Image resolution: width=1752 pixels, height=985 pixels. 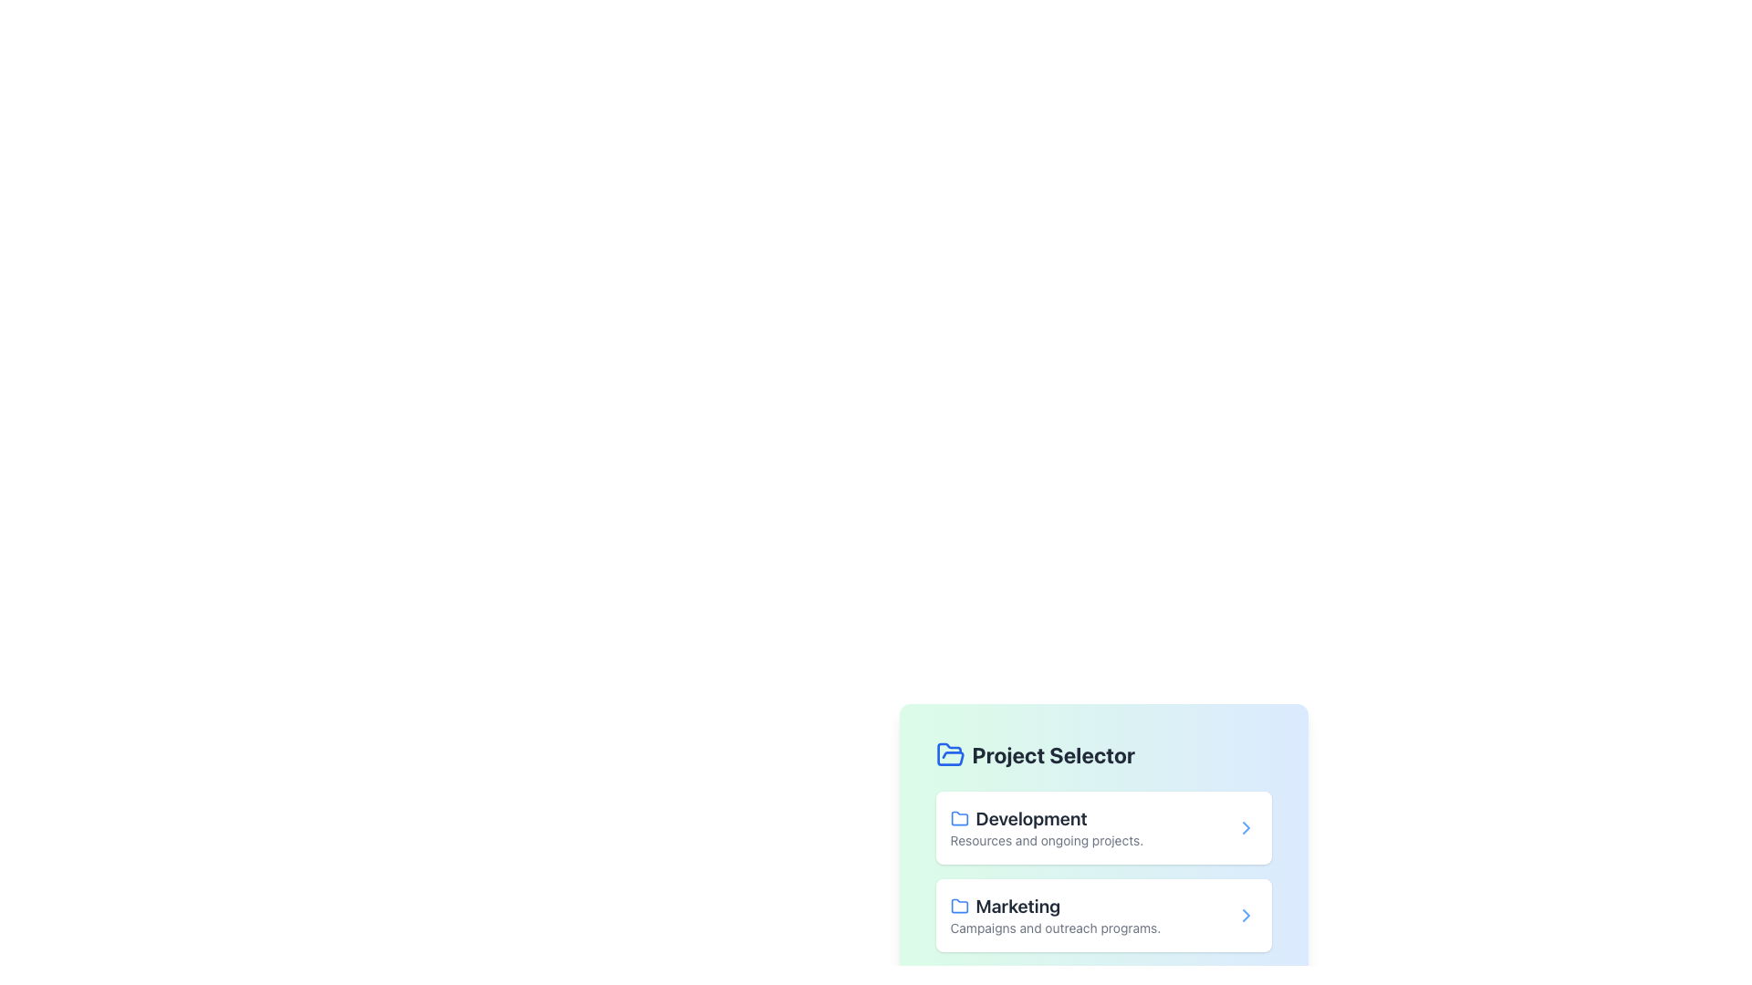 What do you see at coordinates (1047, 827) in the screenshot?
I see `the 'Development' card within the 'Project Selector' section` at bounding box center [1047, 827].